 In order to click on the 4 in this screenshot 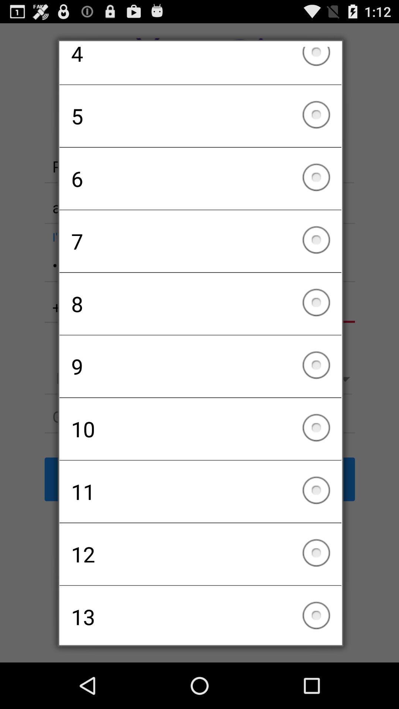, I will do `click(200, 65)`.